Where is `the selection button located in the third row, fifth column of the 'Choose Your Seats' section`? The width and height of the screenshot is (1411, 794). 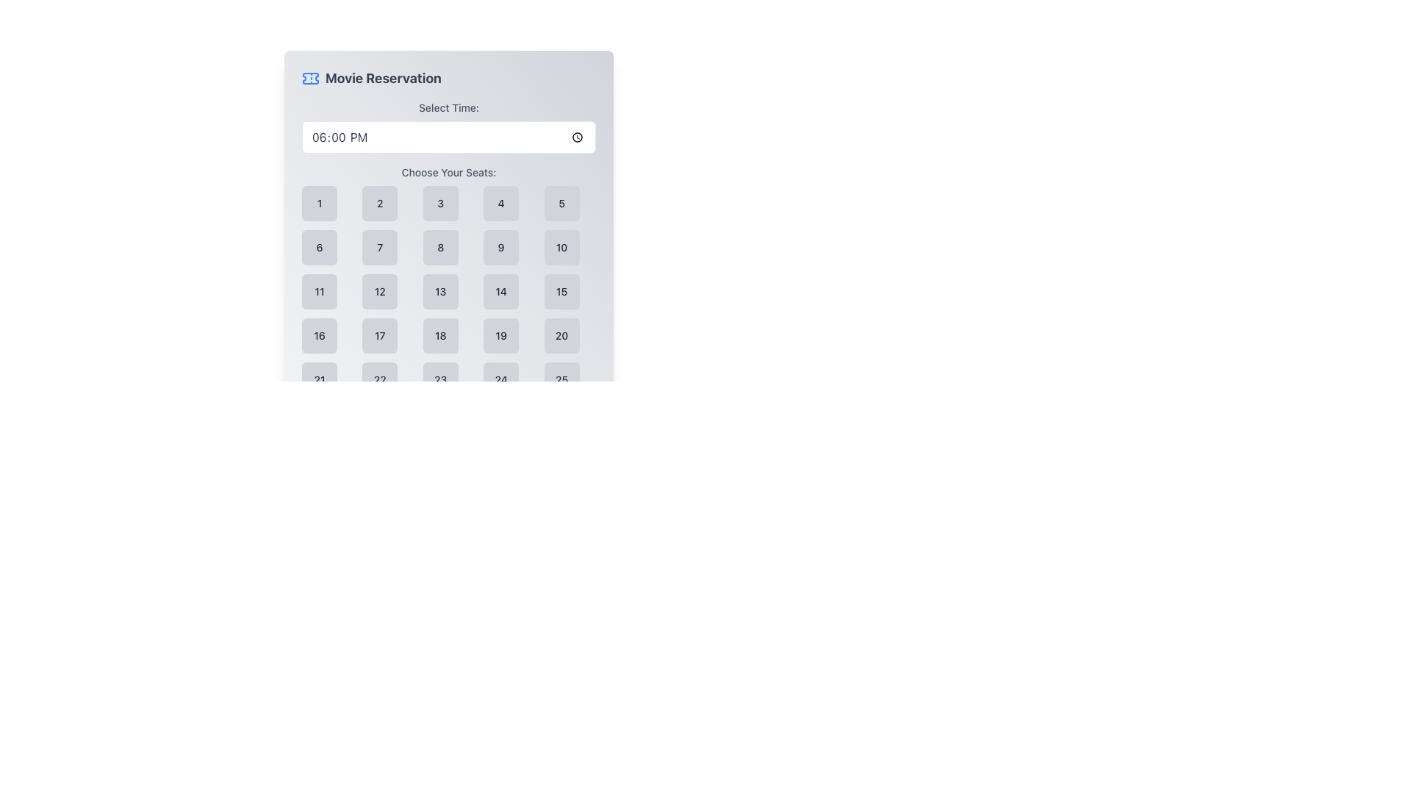
the selection button located in the third row, fifth column of the 'Choose Your Seats' section is located at coordinates (561, 292).